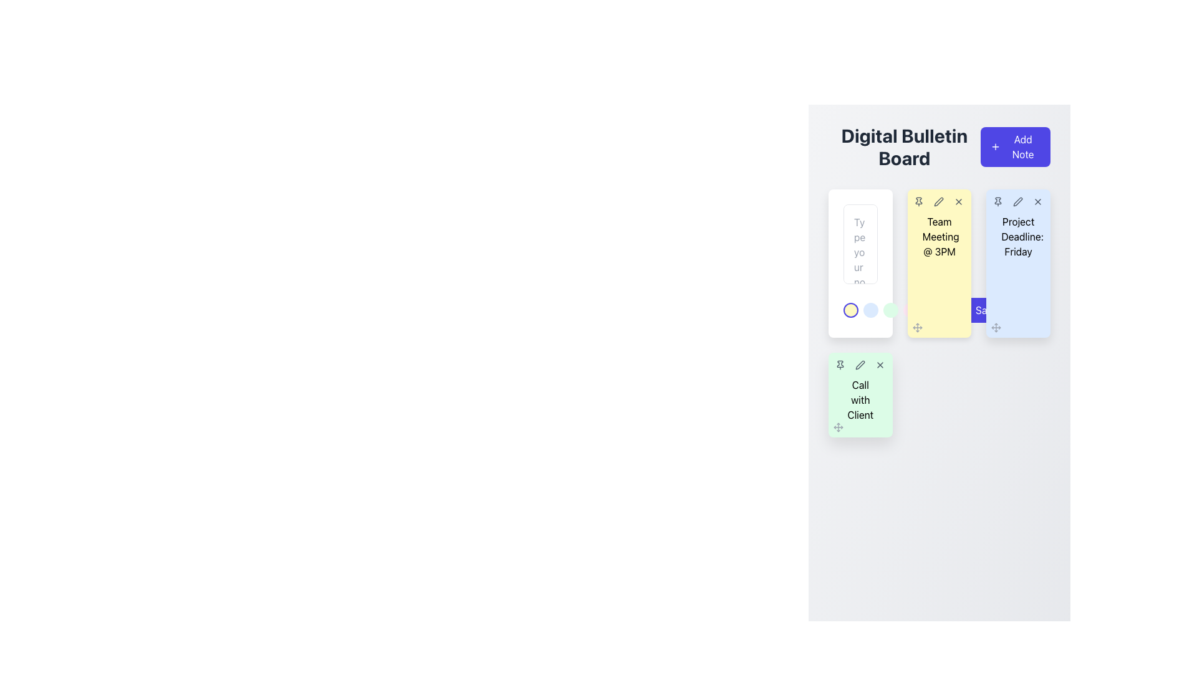 The height and width of the screenshot is (673, 1197). I want to click on the text label positioned in the lower-left region of the green card on the bulletin board interface, which indicates the nature of its content or purpose, so click(860, 399).